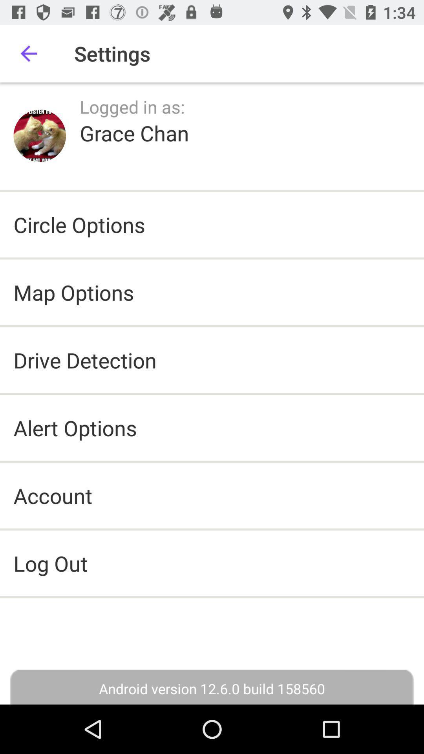 The image size is (424, 754). Describe the element at coordinates (132, 106) in the screenshot. I see `icon below the settings` at that location.